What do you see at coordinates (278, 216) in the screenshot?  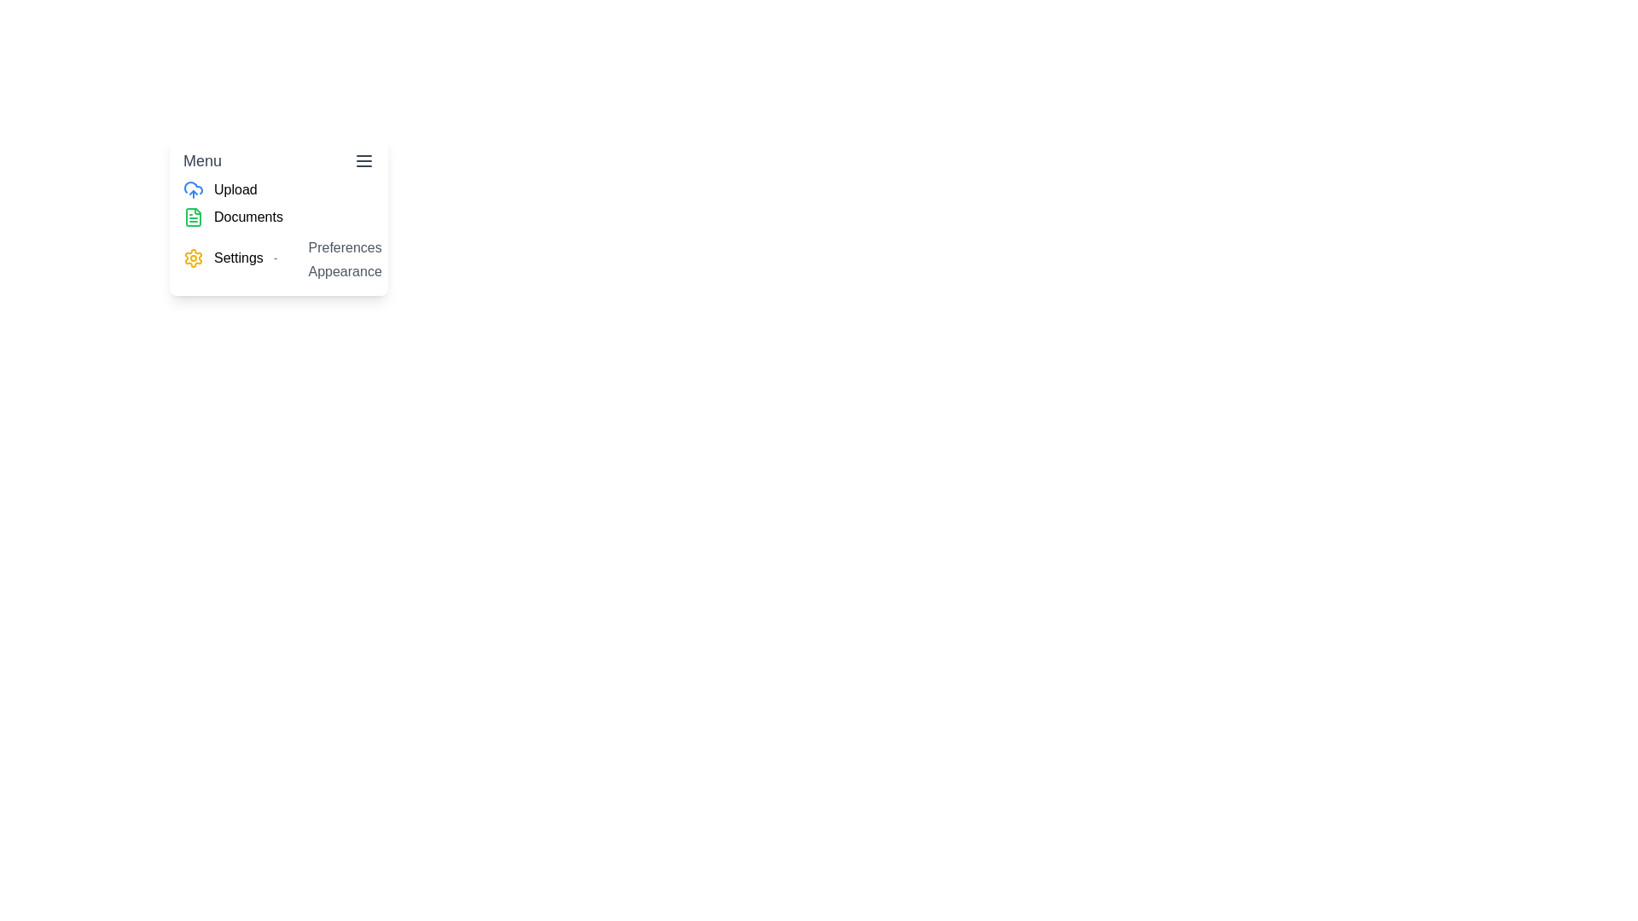 I see `the 'Documents' menu item located directly below the 'Upload' menu item in the vertical stack of menu options` at bounding box center [278, 216].